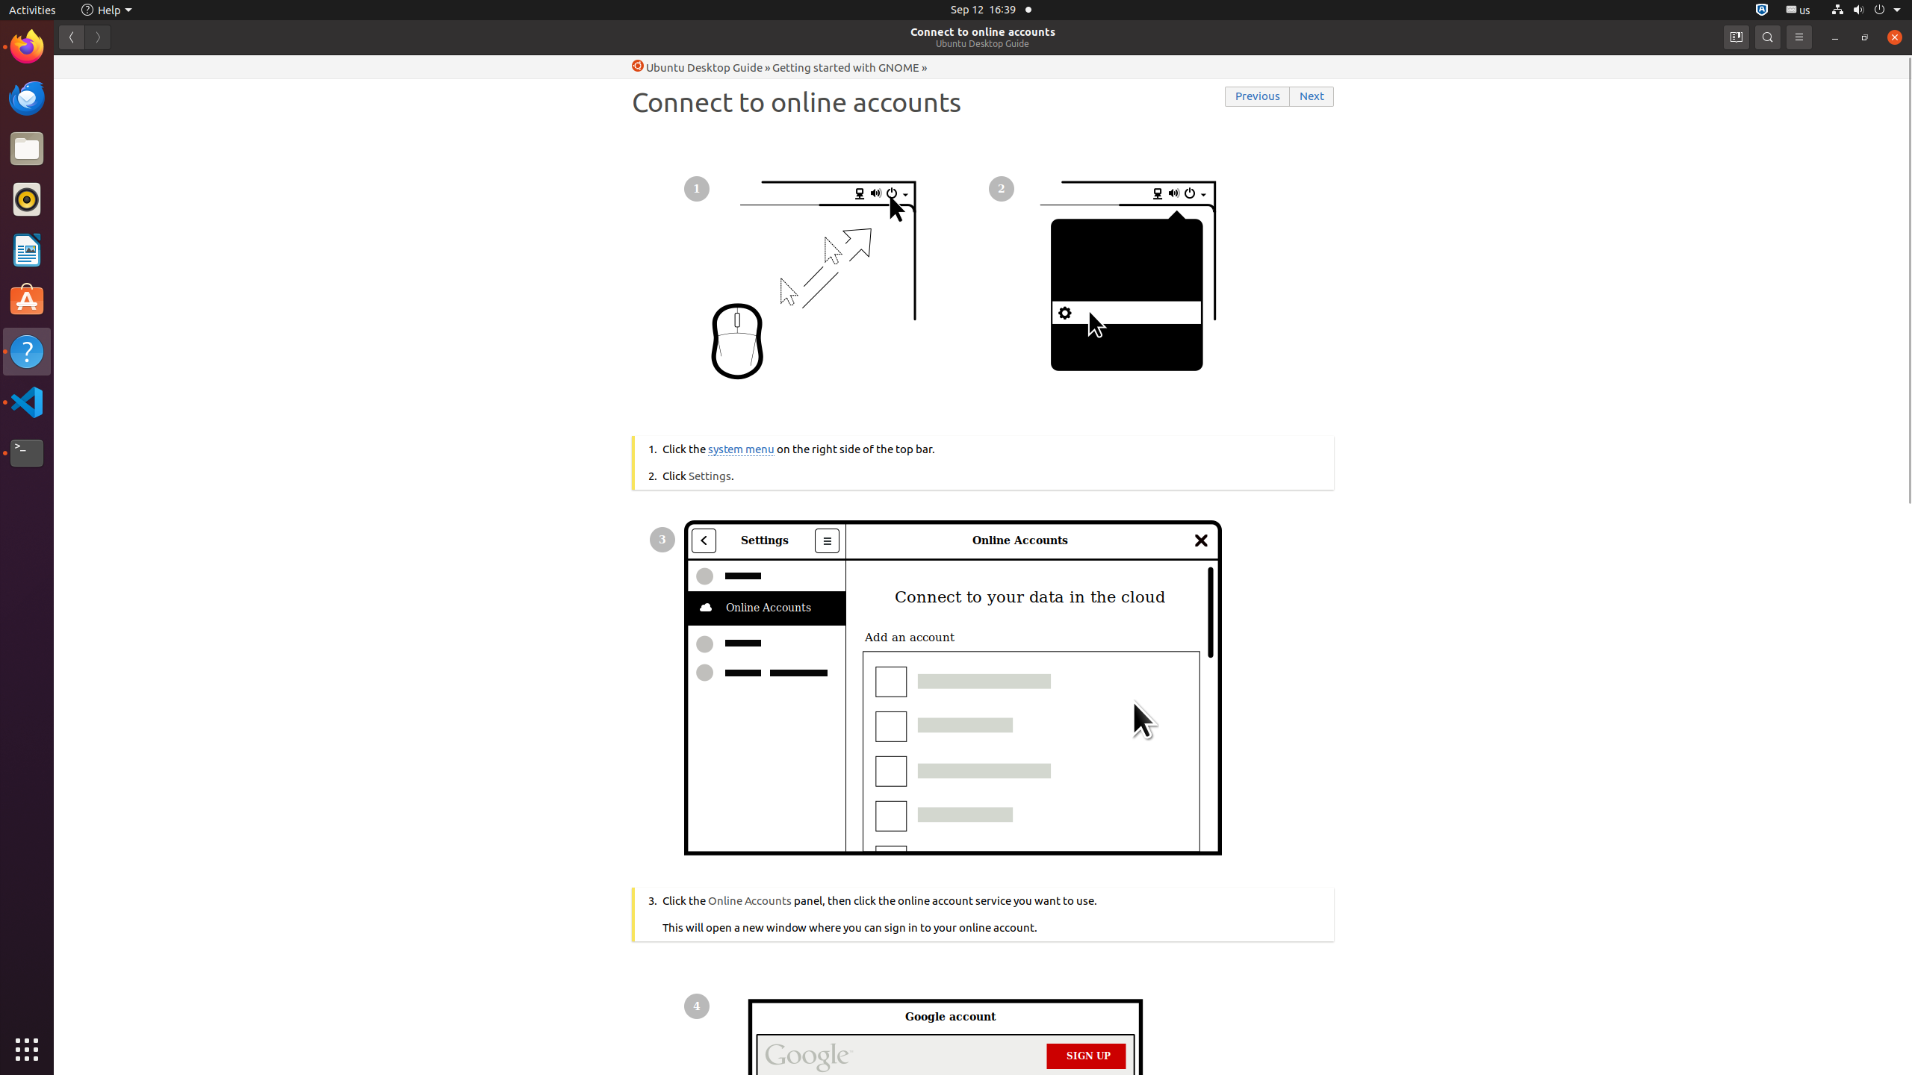  What do you see at coordinates (27, 452) in the screenshot?
I see `'Terminal'` at bounding box center [27, 452].